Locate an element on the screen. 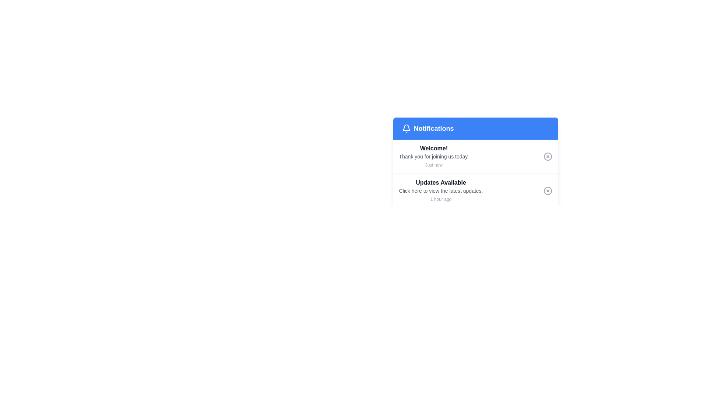 Image resolution: width=707 pixels, height=398 pixels. information displayed in the text block that shows 'Updates Available', including the details 'Click here to view the latest updates.' and '1 hour ago' is located at coordinates (441, 190).